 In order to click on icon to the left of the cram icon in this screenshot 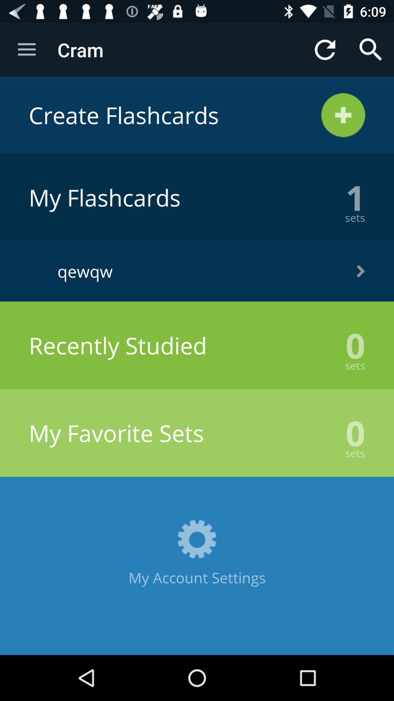, I will do `click(26, 49)`.